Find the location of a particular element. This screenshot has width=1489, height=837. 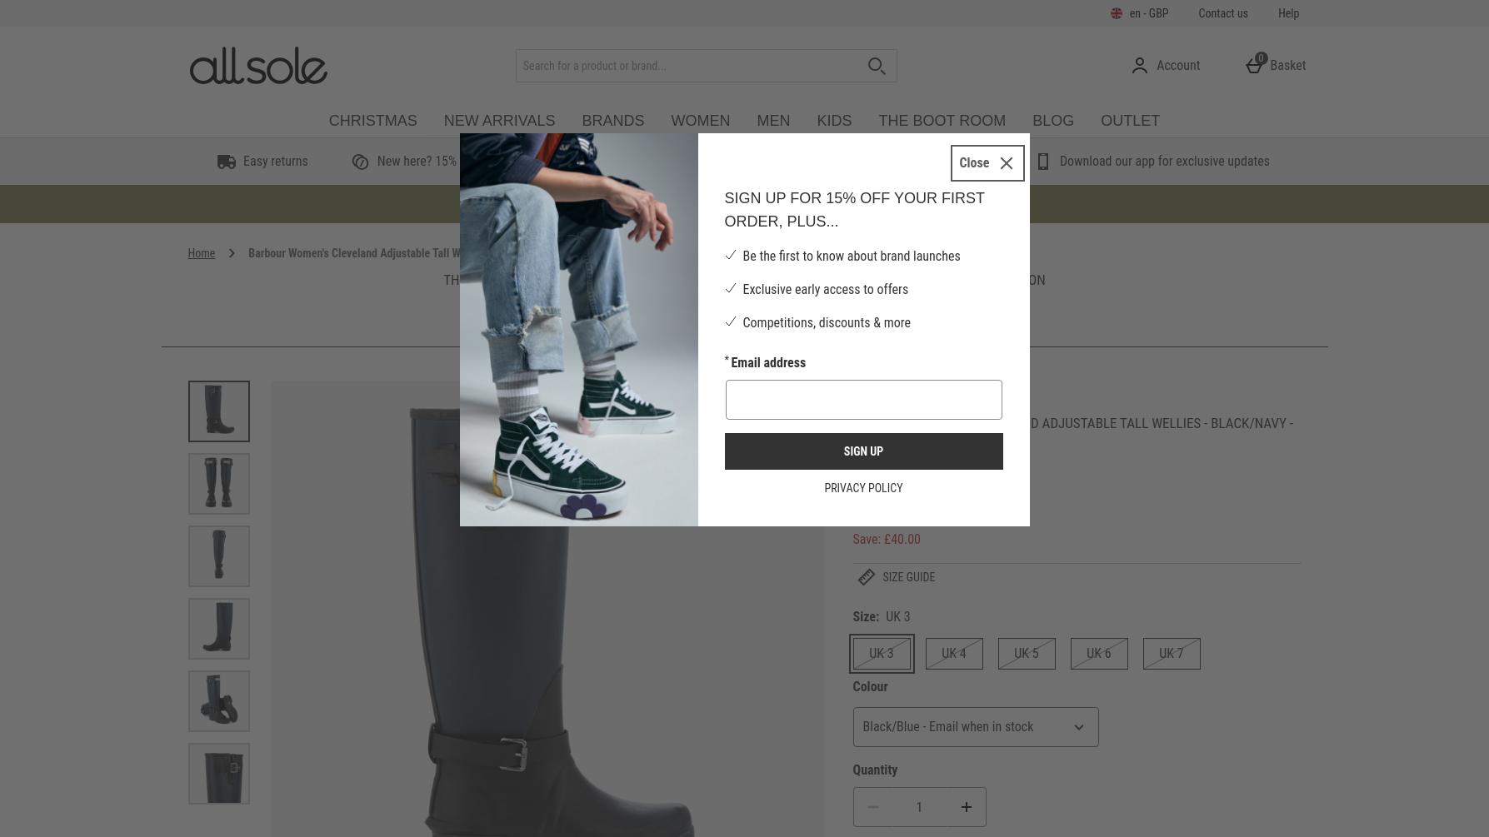

'Sign up' is located at coordinates (862, 449).